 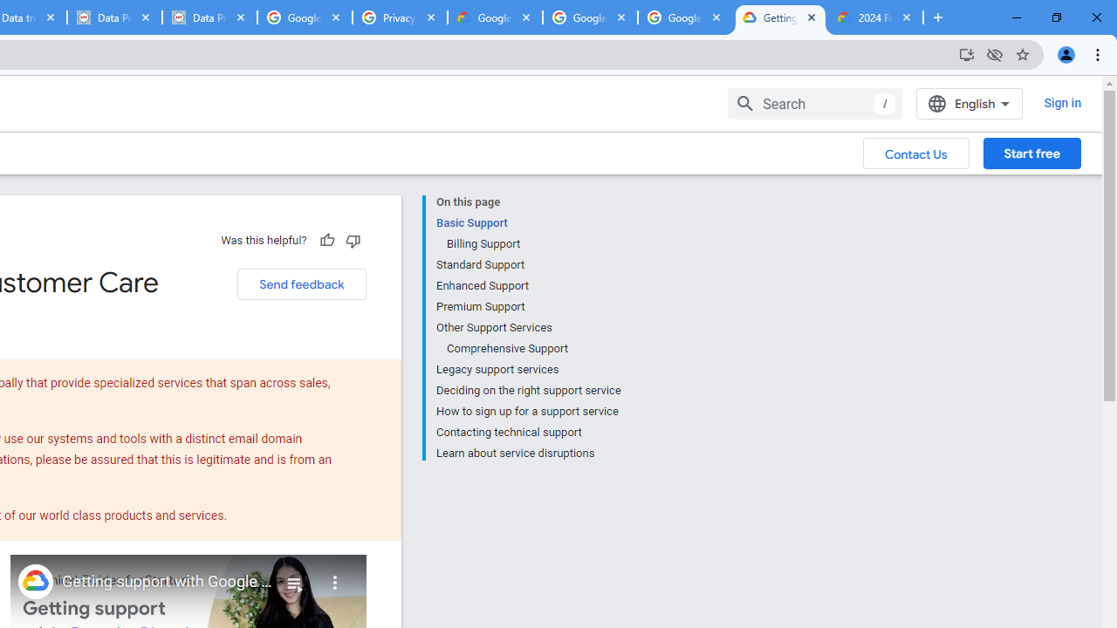 I want to click on 'Getting support with Google Cloud Customer Care', so click(x=168, y=582).